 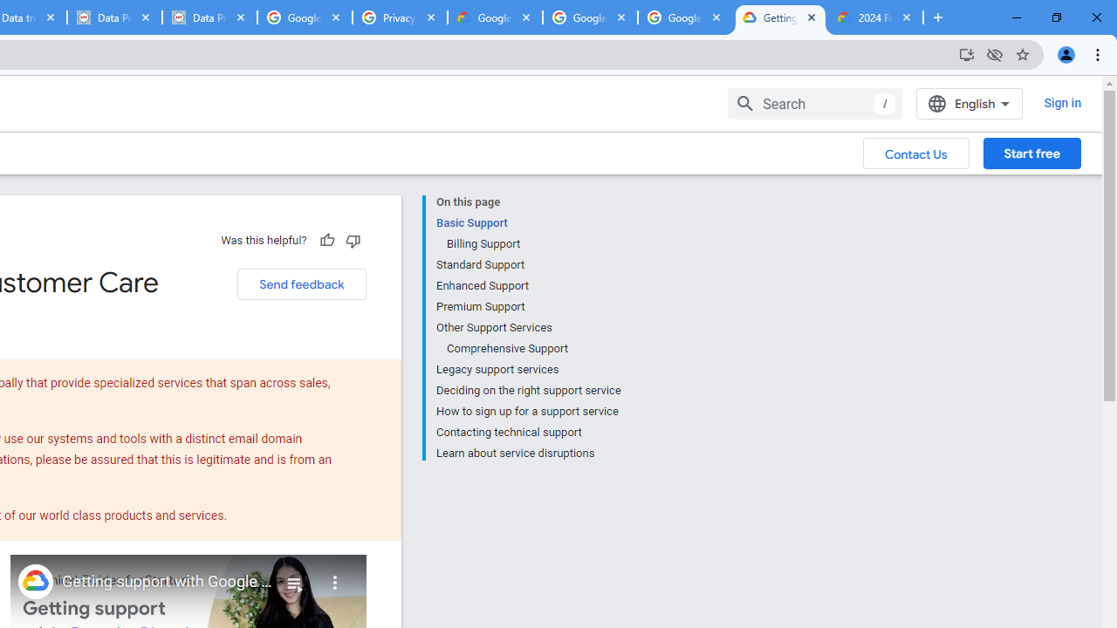 I want to click on 'Getting support with Google Cloud Customer Care', so click(x=168, y=582).